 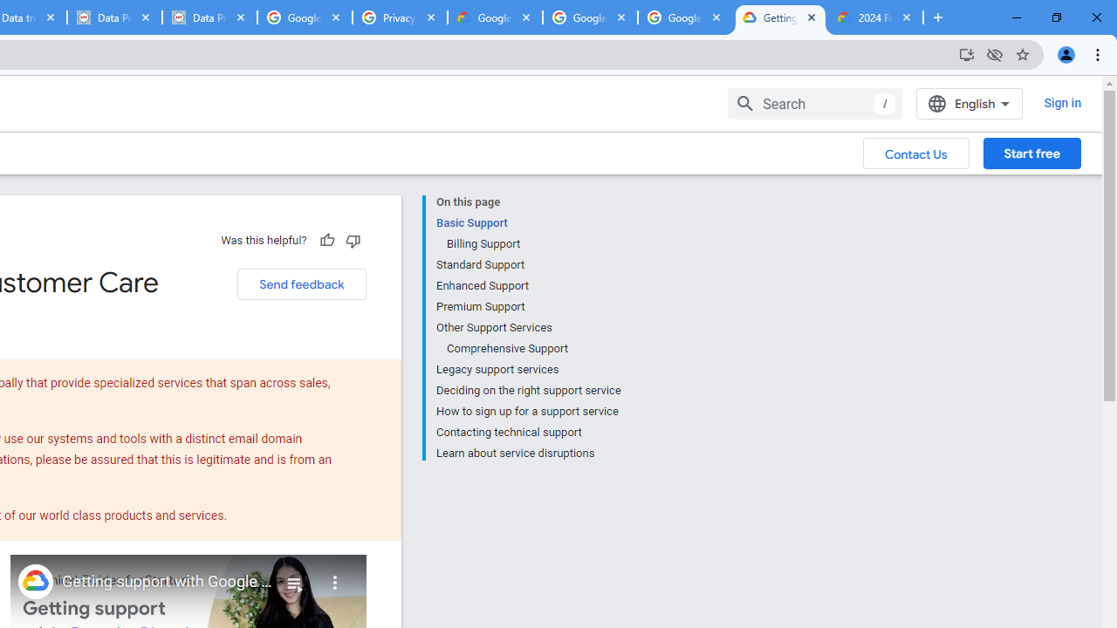 I want to click on 'Getting support with Google Cloud Customer Care', so click(x=168, y=582).